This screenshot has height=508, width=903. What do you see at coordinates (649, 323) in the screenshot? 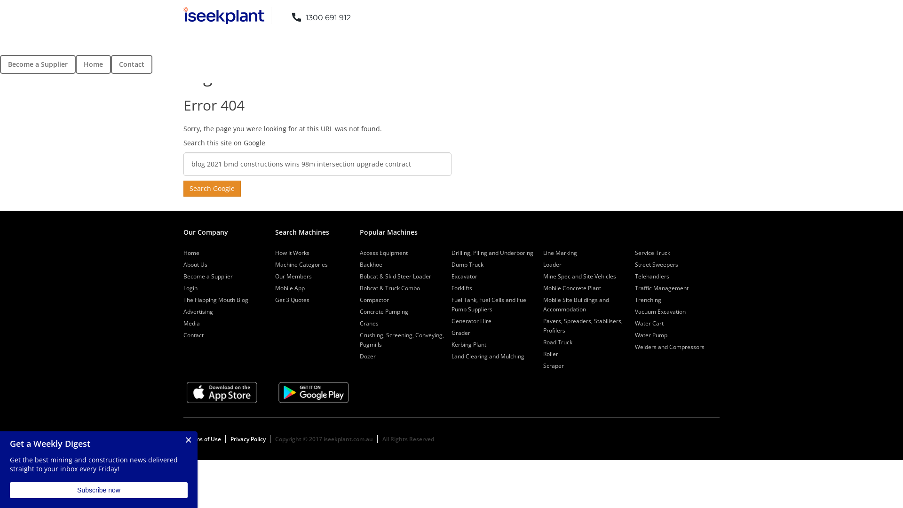
I see `'Water Cart'` at bounding box center [649, 323].